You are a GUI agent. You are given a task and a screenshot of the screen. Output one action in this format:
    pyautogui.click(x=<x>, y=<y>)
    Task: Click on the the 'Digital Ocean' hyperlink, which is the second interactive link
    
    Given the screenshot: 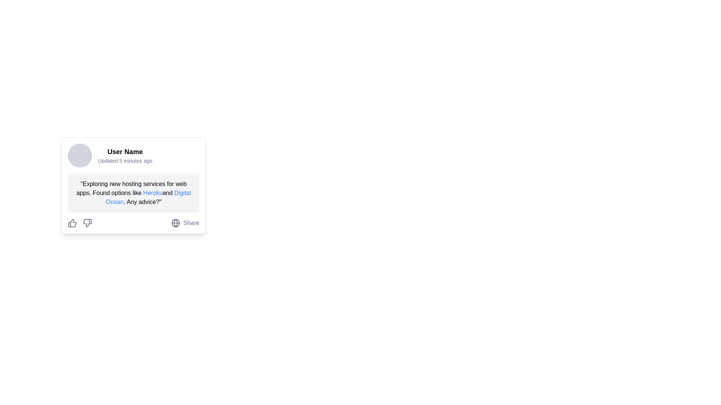 What is the action you would take?
    pyautogui.click(x=148, y=197)
    